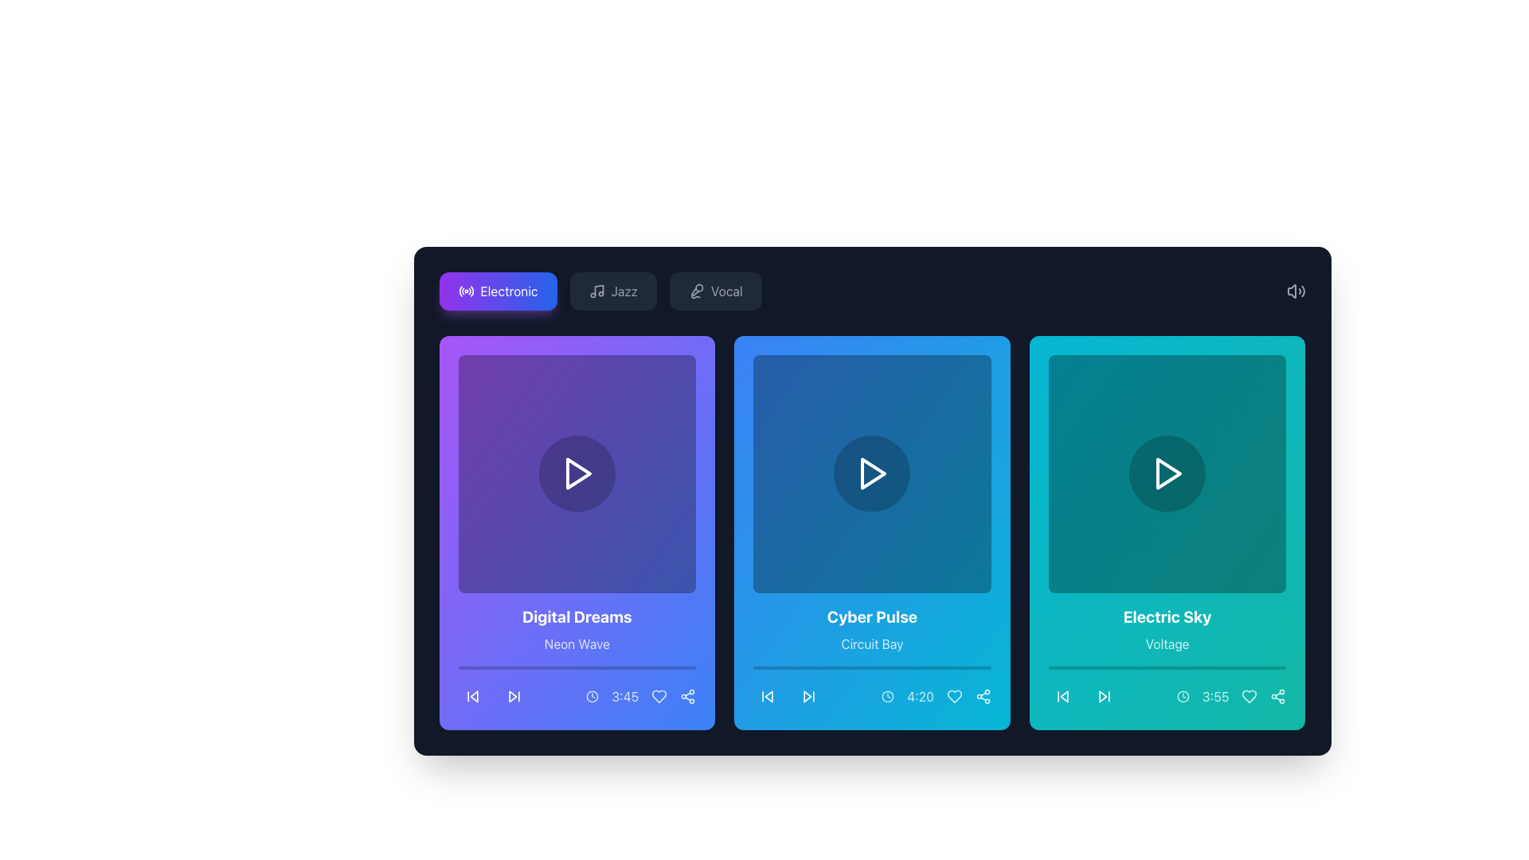 The height and width of the screenshot is (860, 1529). What do you see at coordinates (887, 695) in the screenshot?
I see `the graphical circle component of the SVG clock icon located in the 'Cyber Pulse' card near the bottom-right corner next to the time display` at bounding box center [887, 695].